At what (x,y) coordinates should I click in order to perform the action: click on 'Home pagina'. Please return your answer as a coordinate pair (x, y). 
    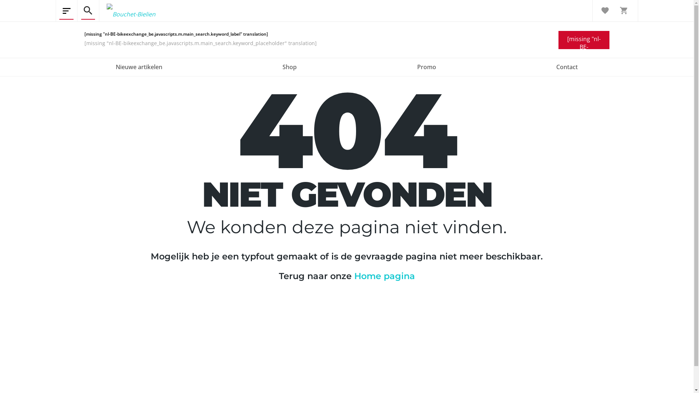
    Looking at the image, I should click on (384, 276).